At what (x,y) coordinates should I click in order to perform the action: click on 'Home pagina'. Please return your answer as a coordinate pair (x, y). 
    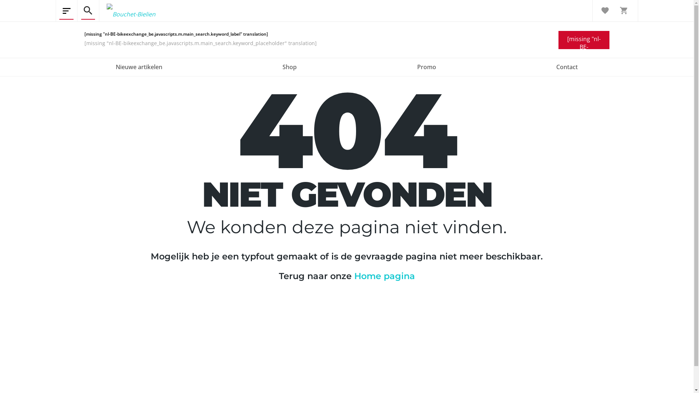
    Looking at the image, I should click on (384, 276).